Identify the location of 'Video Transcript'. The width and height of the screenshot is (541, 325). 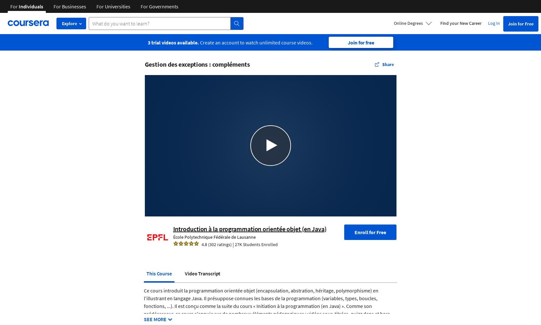
(202, 273).